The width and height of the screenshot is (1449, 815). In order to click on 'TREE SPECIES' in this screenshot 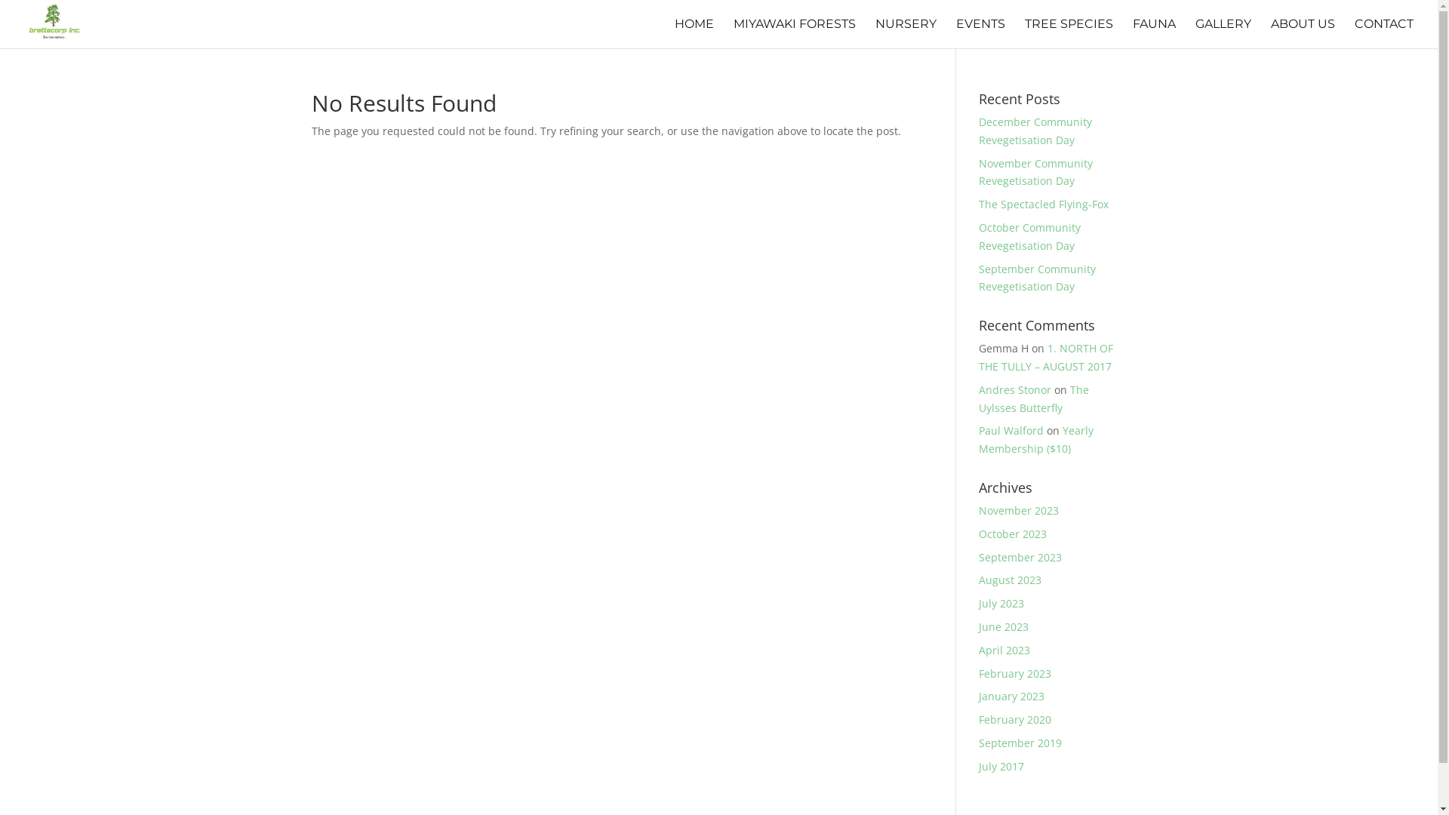, I will do `click(1068, 33)`.